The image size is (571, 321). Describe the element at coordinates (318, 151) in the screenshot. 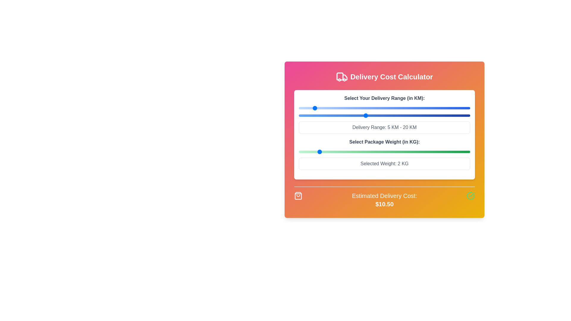

I see `the package weight` at that location.